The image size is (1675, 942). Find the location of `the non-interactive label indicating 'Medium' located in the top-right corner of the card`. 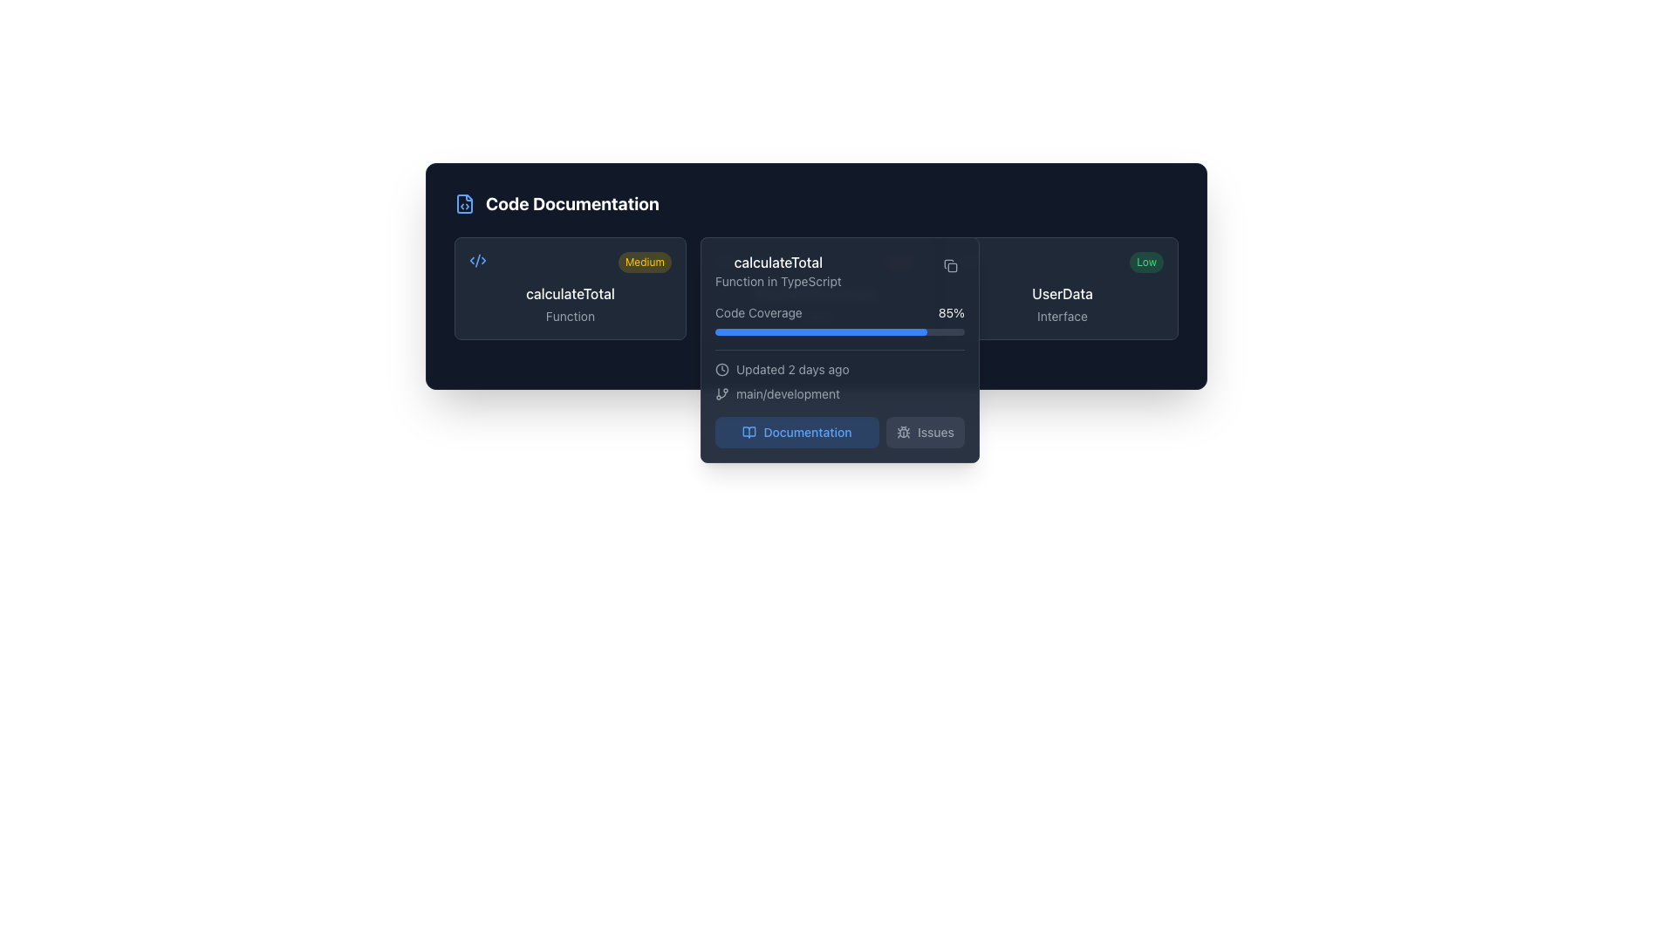

the non-interactive label indicating 'Medium' located in the top-right corner of the card is located at coordinates (644, 262).